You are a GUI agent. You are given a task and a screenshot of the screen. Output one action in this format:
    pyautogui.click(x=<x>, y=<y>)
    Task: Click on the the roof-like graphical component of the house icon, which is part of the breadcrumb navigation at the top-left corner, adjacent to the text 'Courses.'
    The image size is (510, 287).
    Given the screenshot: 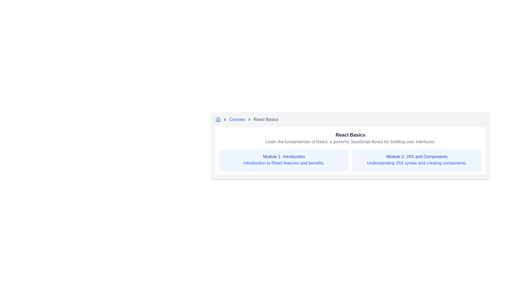 What is the action you would take?
    pyautogui.click(x=218, y=119)
    